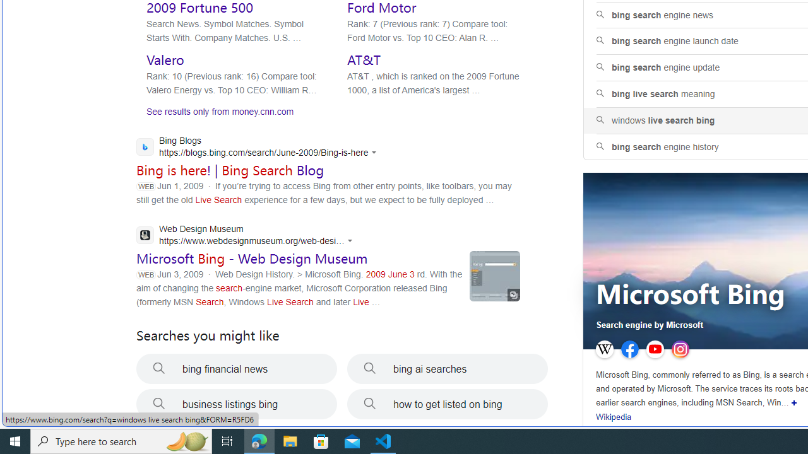 This screenshot has height=454, width=808. Describe the element at coordinates (448, 404) in the screenshot. I see `'how to get listed on bing'` at that location.